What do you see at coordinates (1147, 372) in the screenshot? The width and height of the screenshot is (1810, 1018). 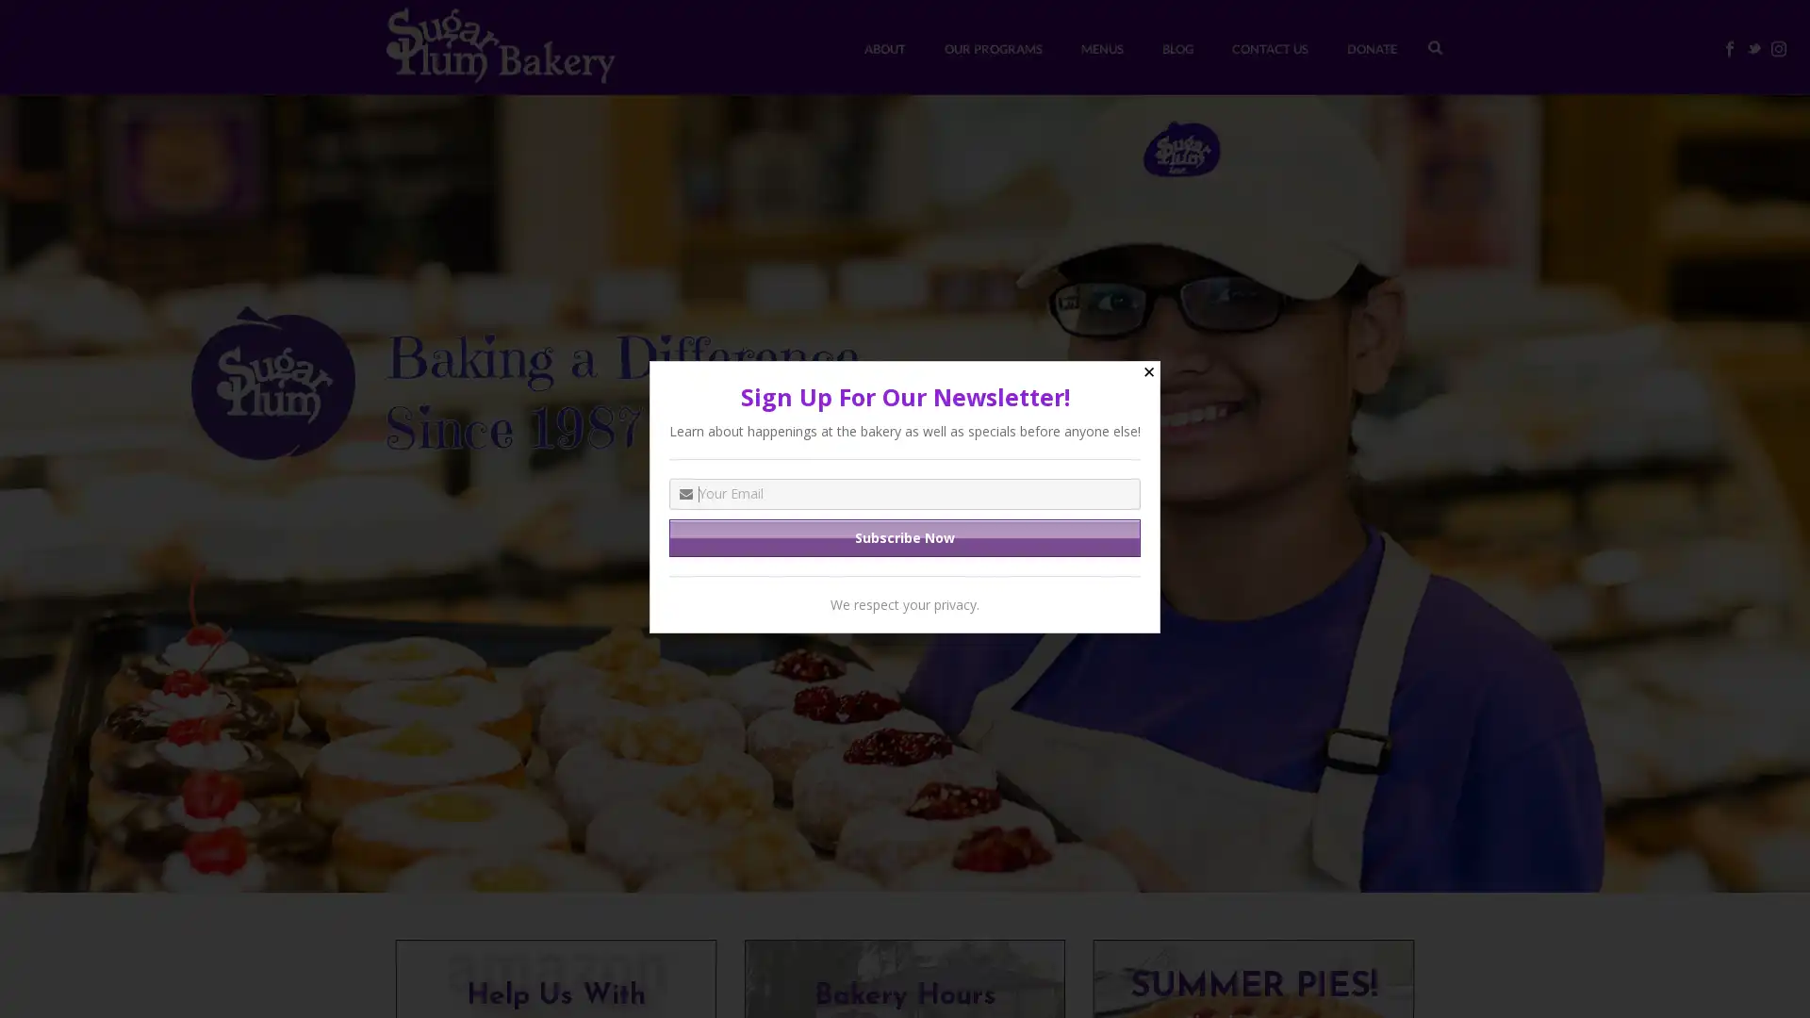 I see `Close` at bounding box center [1147, 372].